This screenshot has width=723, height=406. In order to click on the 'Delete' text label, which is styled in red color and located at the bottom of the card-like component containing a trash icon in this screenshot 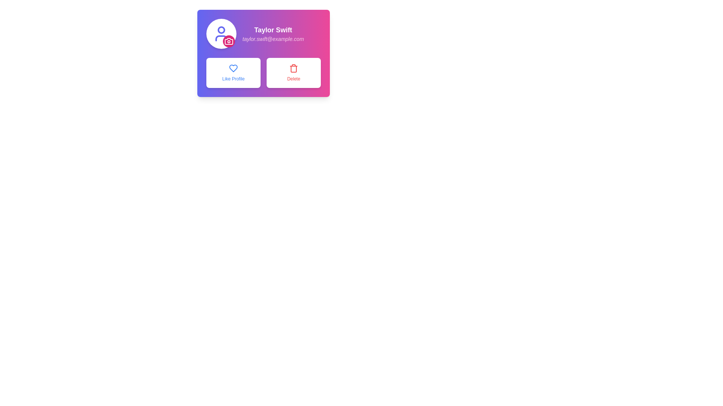, I will do `click(293, 79)`.